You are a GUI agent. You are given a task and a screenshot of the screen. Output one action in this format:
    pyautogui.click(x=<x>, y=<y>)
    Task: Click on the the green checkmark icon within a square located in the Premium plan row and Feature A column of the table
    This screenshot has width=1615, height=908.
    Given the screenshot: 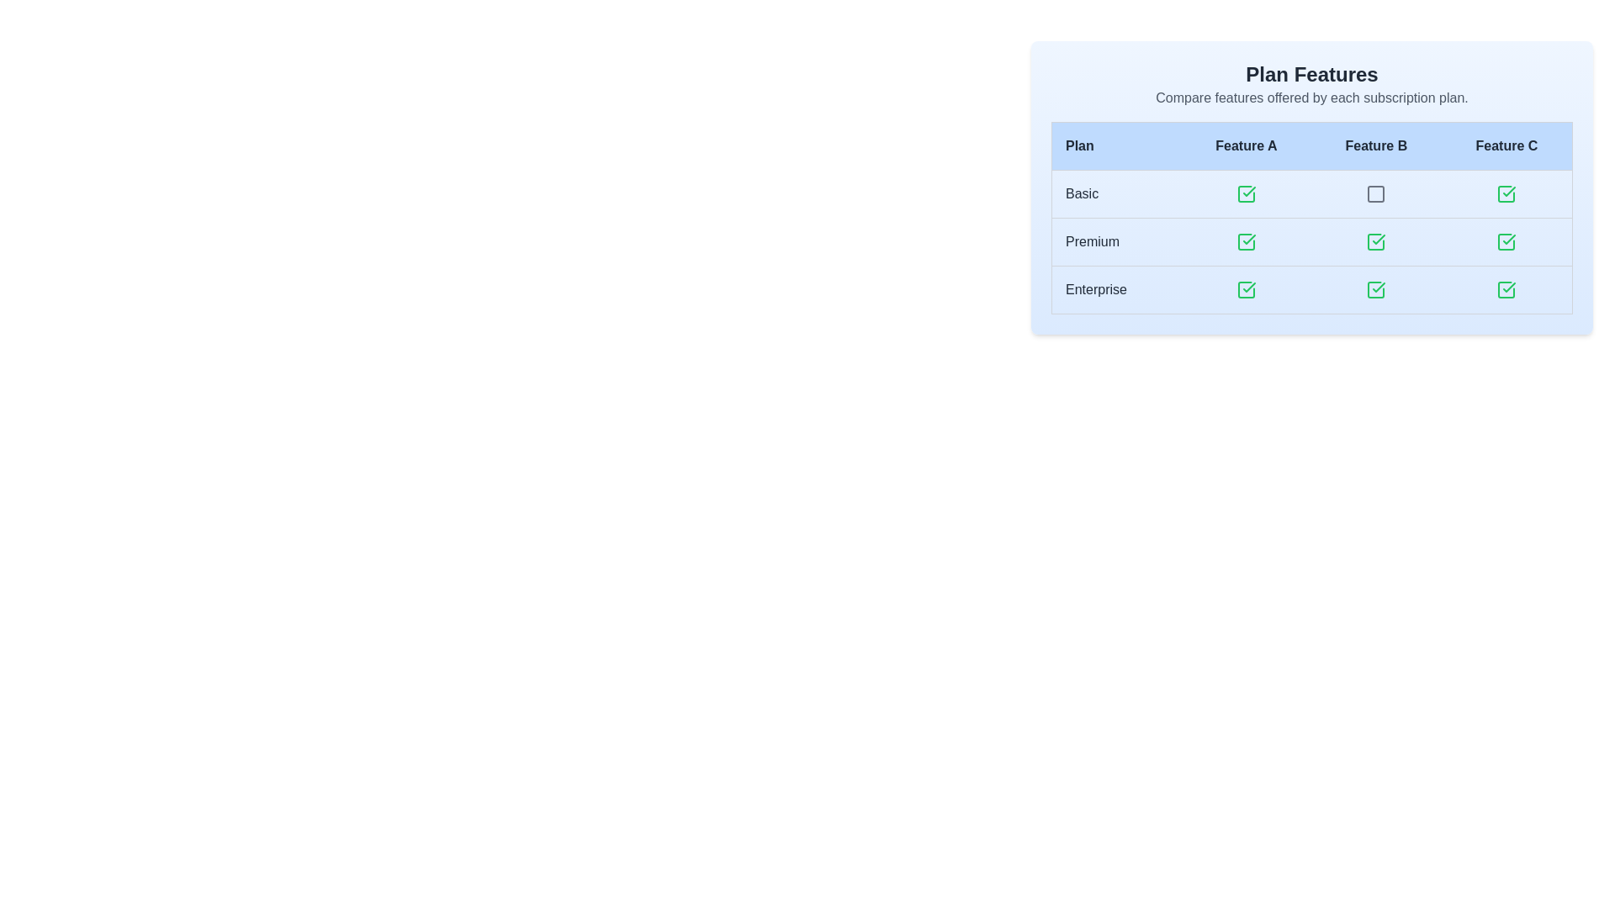 What is the action you would take?
    pyautogui.click(x=1246, y=242)
    